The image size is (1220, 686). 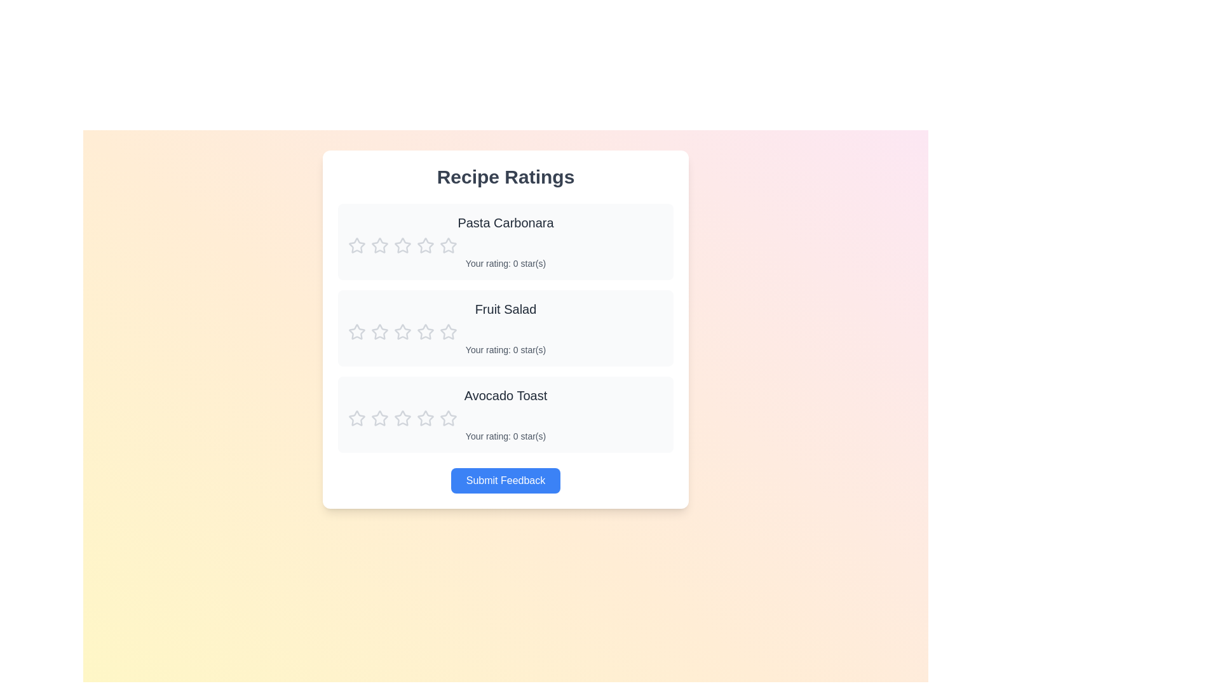 What do you see at coordinates (505, 309) in the screenshot?
I see `text label displaying 'Fruit Salad', which is located in the second rating card below 'Pasta Carbonara' and above 'Avocado Toast'` at bounding box center [505, 309].